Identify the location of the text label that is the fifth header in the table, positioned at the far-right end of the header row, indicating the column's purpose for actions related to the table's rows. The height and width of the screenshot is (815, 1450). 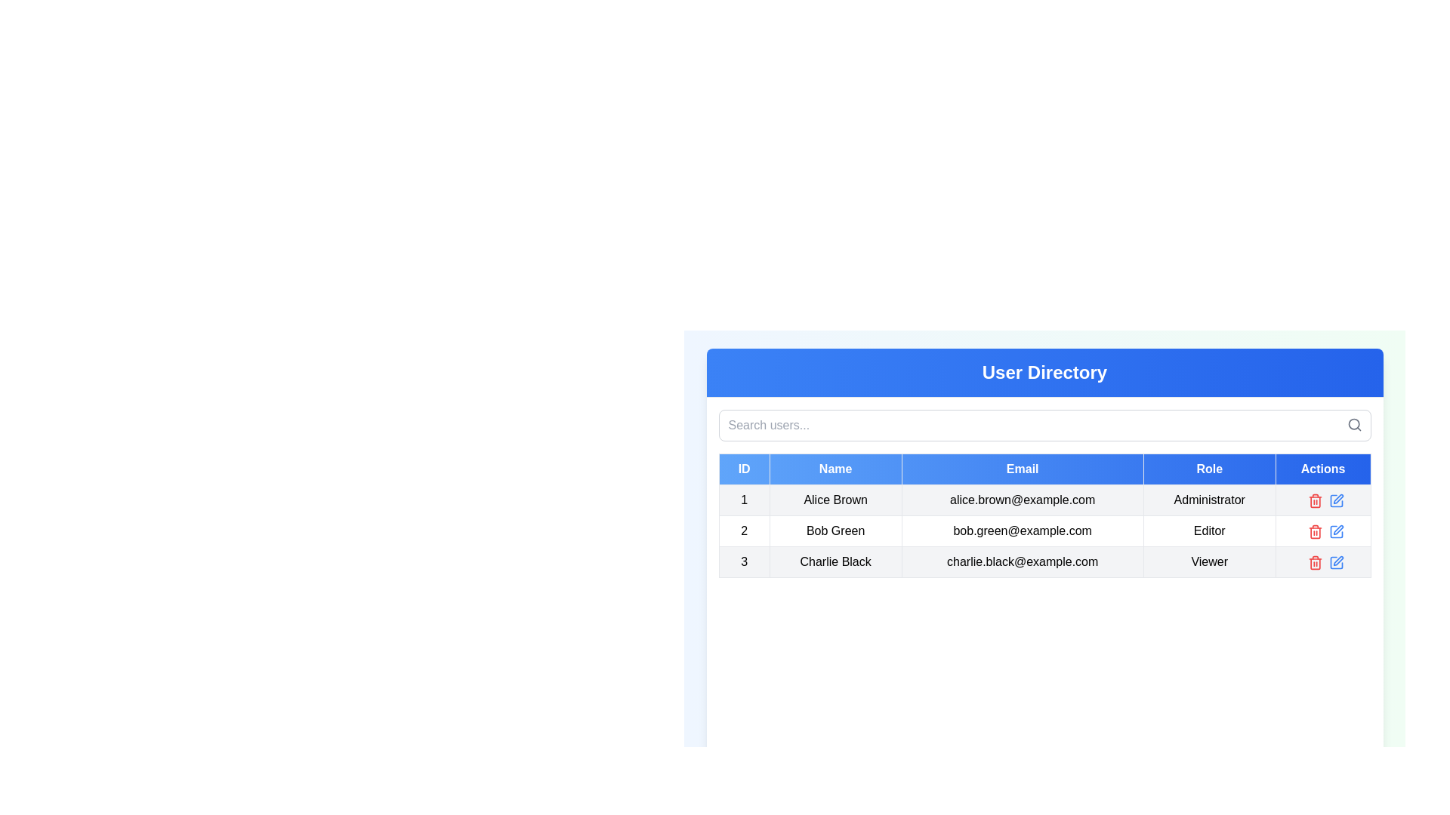
(1322, 468).